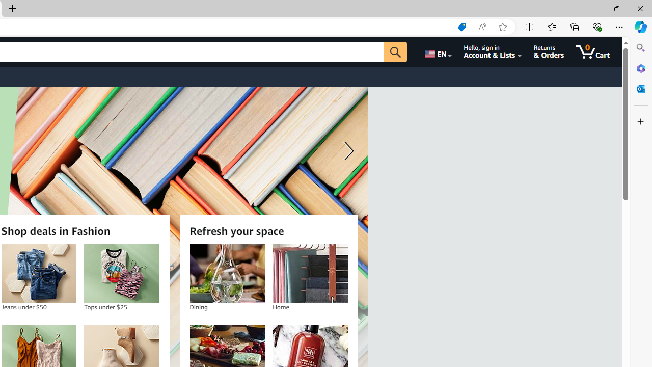 This screenshot has height=367, width=652. I want to click on 'Hello, sign in Account & Lists', so click(493, 51).